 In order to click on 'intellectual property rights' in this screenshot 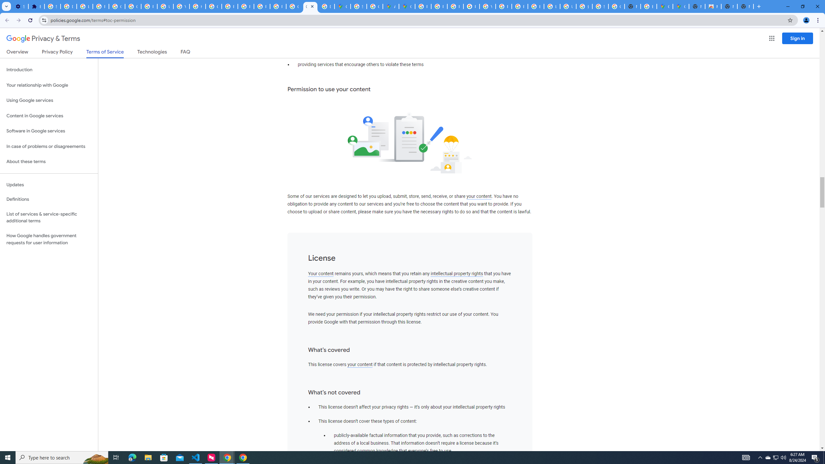, I will do `click(457, 274)`.